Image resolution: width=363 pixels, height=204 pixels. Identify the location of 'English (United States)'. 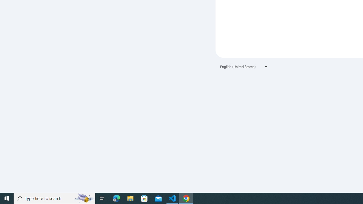
(244, 66).